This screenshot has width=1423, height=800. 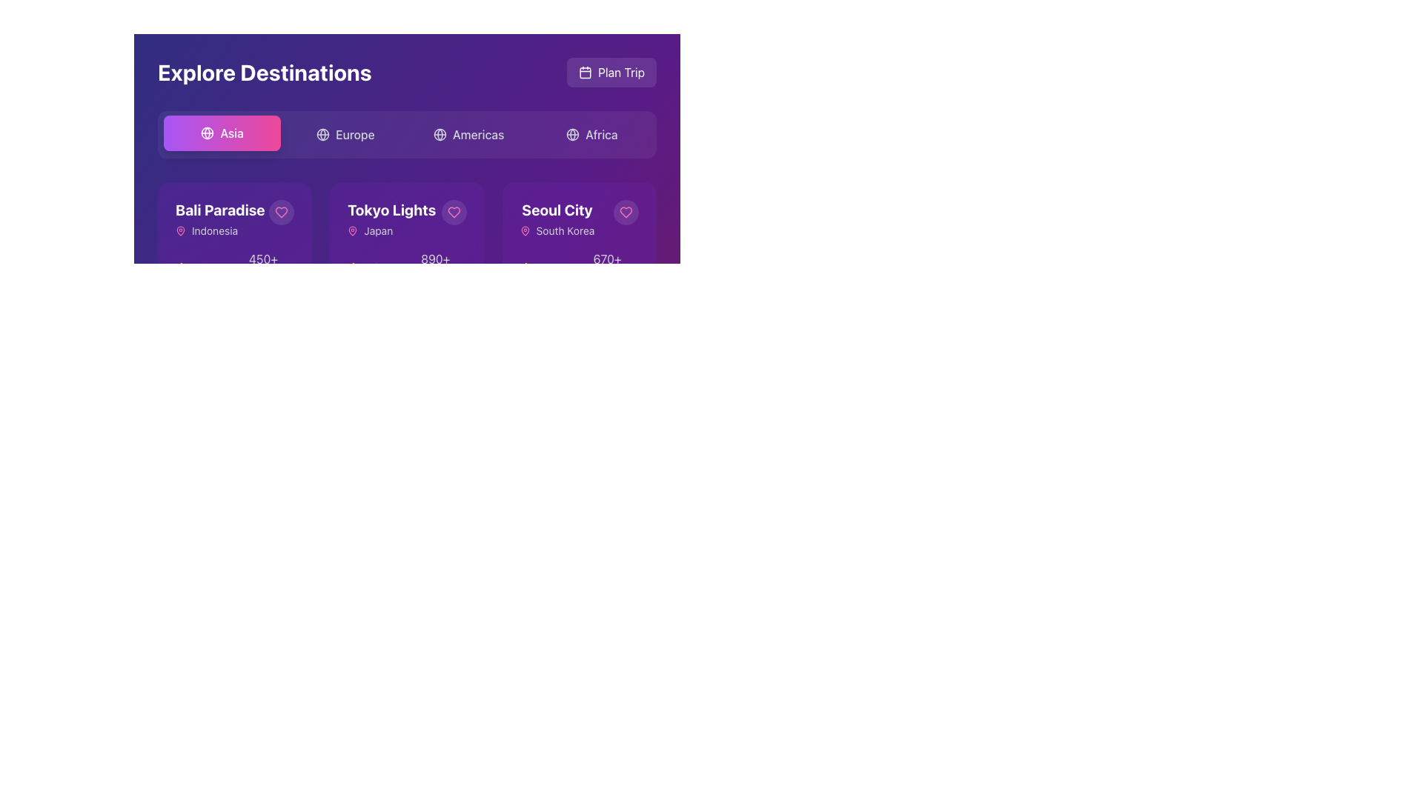 What do you see at coordinates (453, 212) in the screenshot?
I see `the 'like' or 'favorite' button icon located at the top-right area of the 'Tokyo Lights' card to mark it as a favorite` at bounding box center [453, 212].